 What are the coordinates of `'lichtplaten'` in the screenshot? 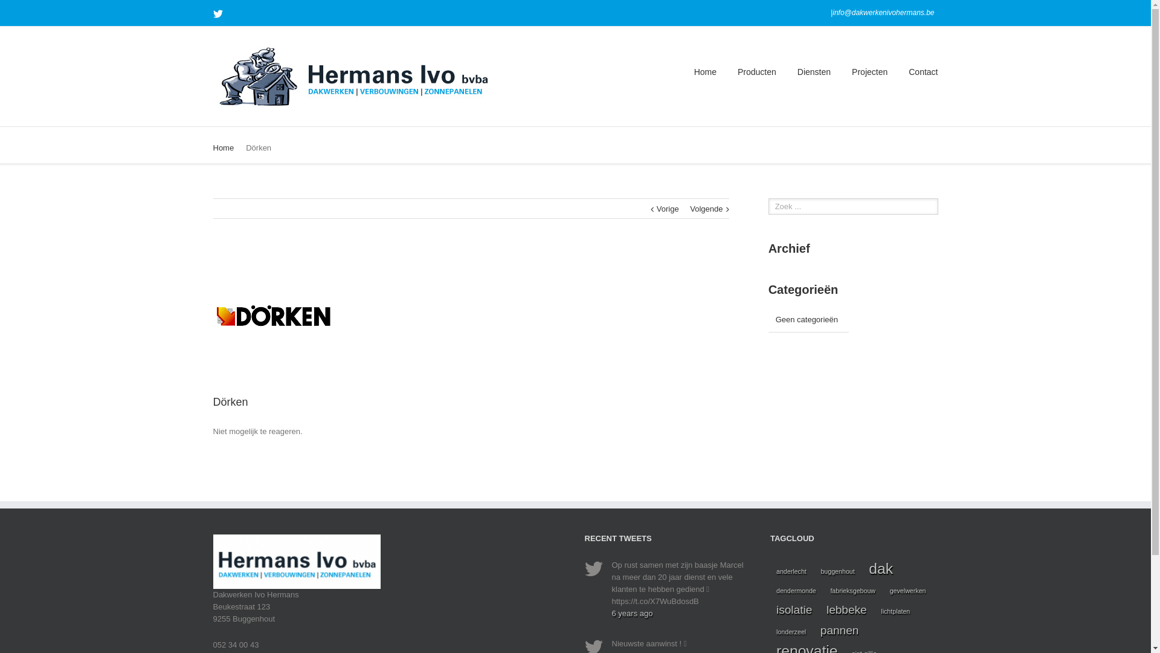 It's located at (875, 611).